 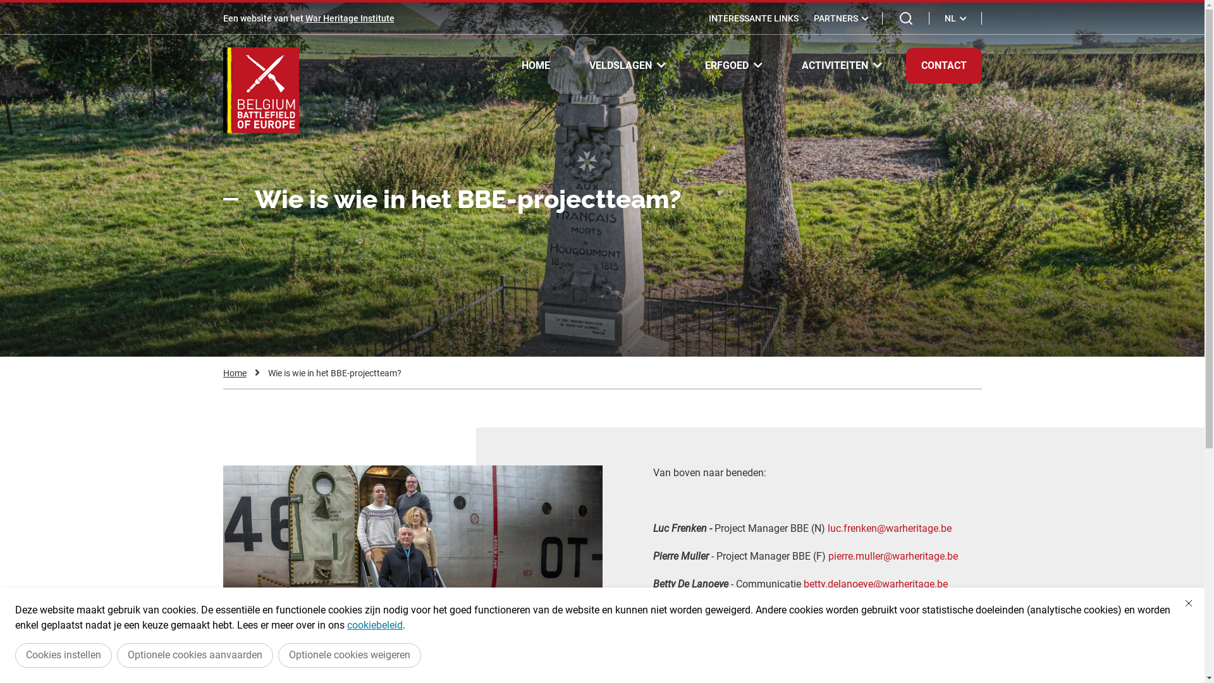 What do you see at coordinates (937, 18) in the screenshot?
I see `'NL'` at bounding box center [937, 18].